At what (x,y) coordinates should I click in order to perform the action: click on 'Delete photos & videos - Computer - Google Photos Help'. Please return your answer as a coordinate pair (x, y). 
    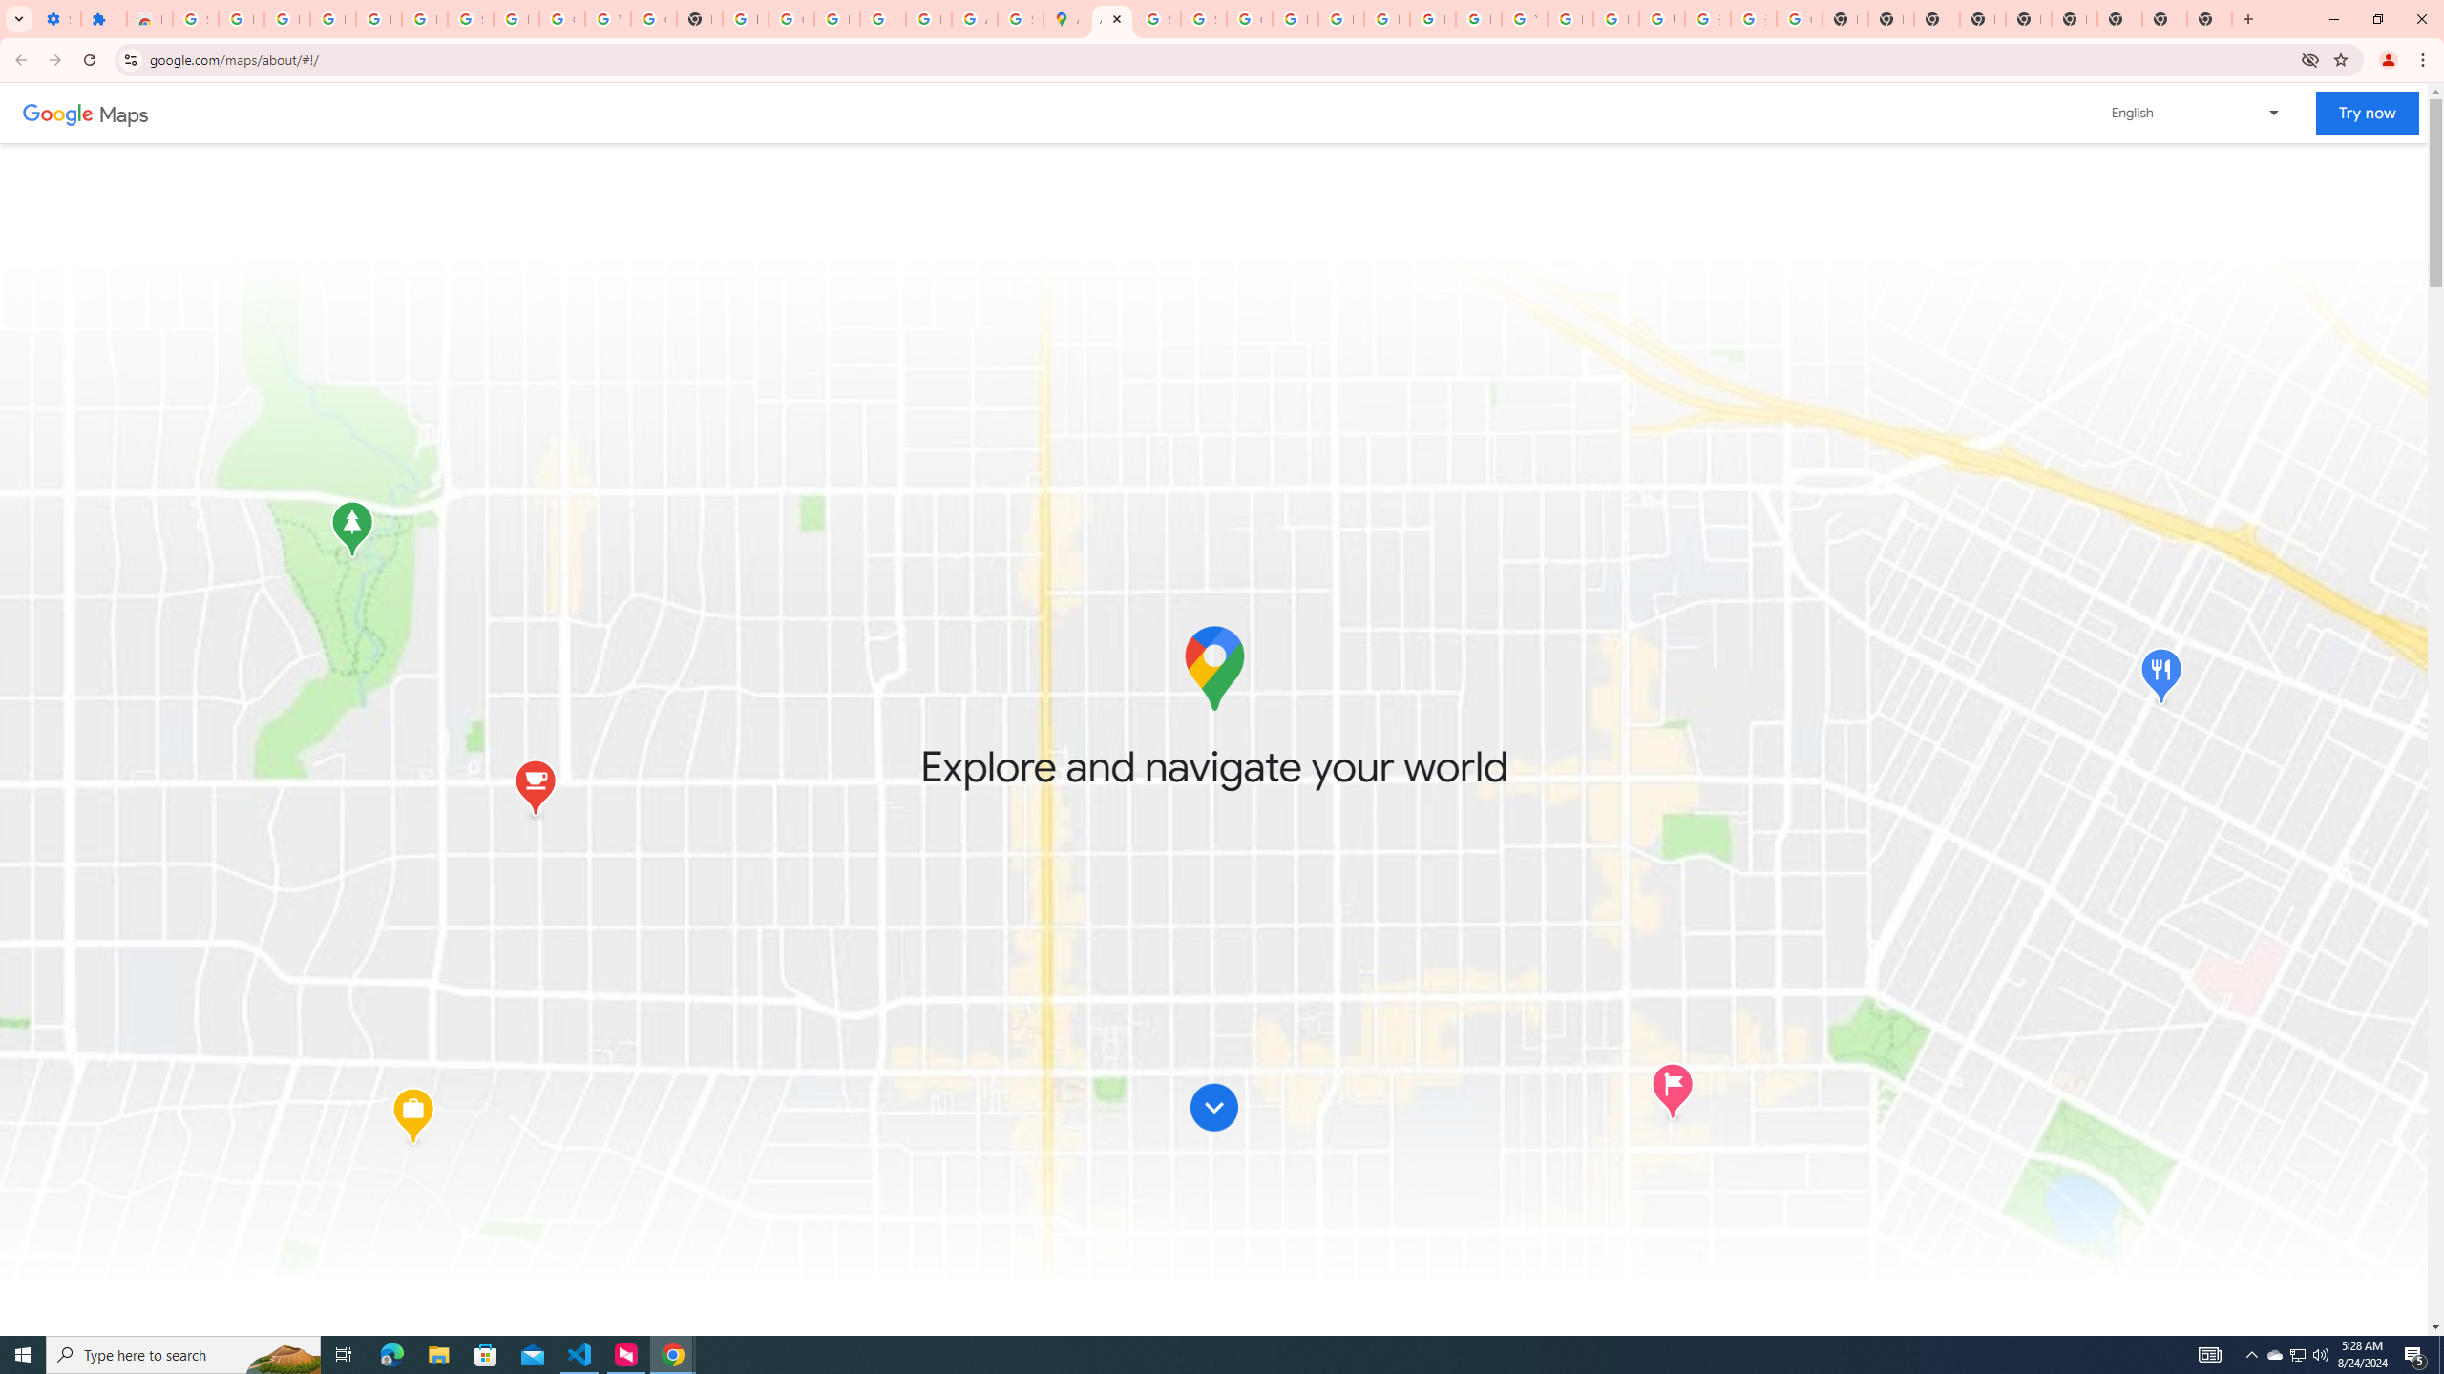
    Looking at the image, I should click on (331, 18).